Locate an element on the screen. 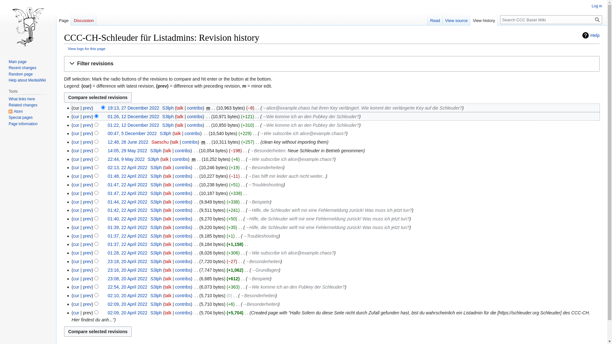 The image size is (612, 344). 'Main page' is located at coordinates (9, 61).